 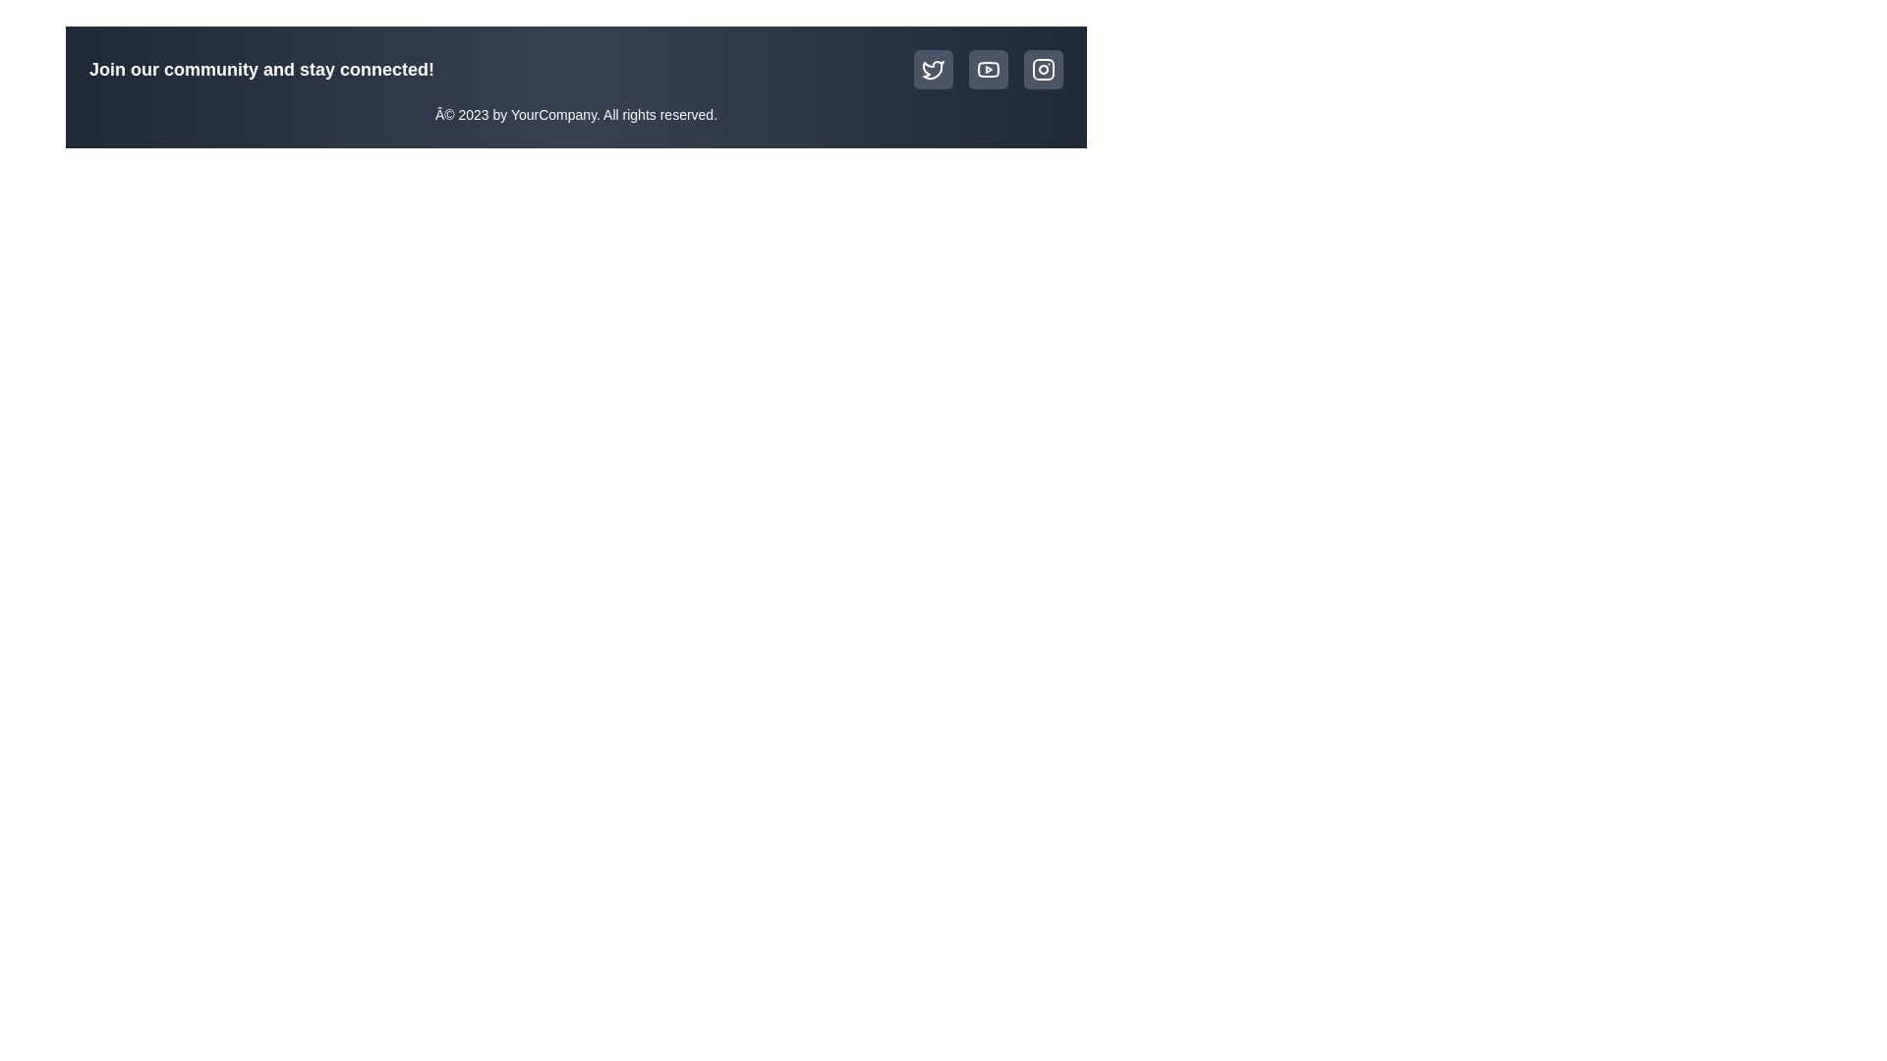 I want to click on the Twitter icon button, which is a white bird silhouette located at the top-right corner of the footer section, so click(x=933, y=68).